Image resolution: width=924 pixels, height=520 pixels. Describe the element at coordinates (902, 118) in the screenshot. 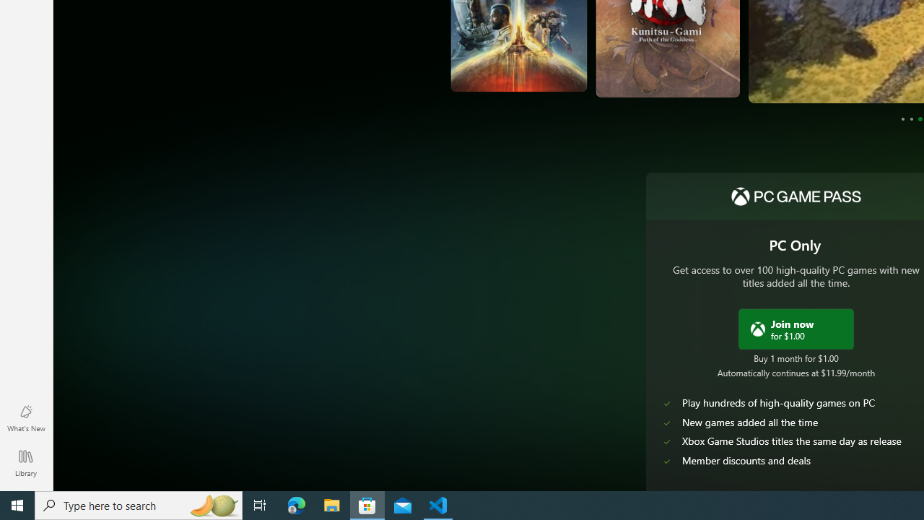

I see `'Page 1'` at that location.